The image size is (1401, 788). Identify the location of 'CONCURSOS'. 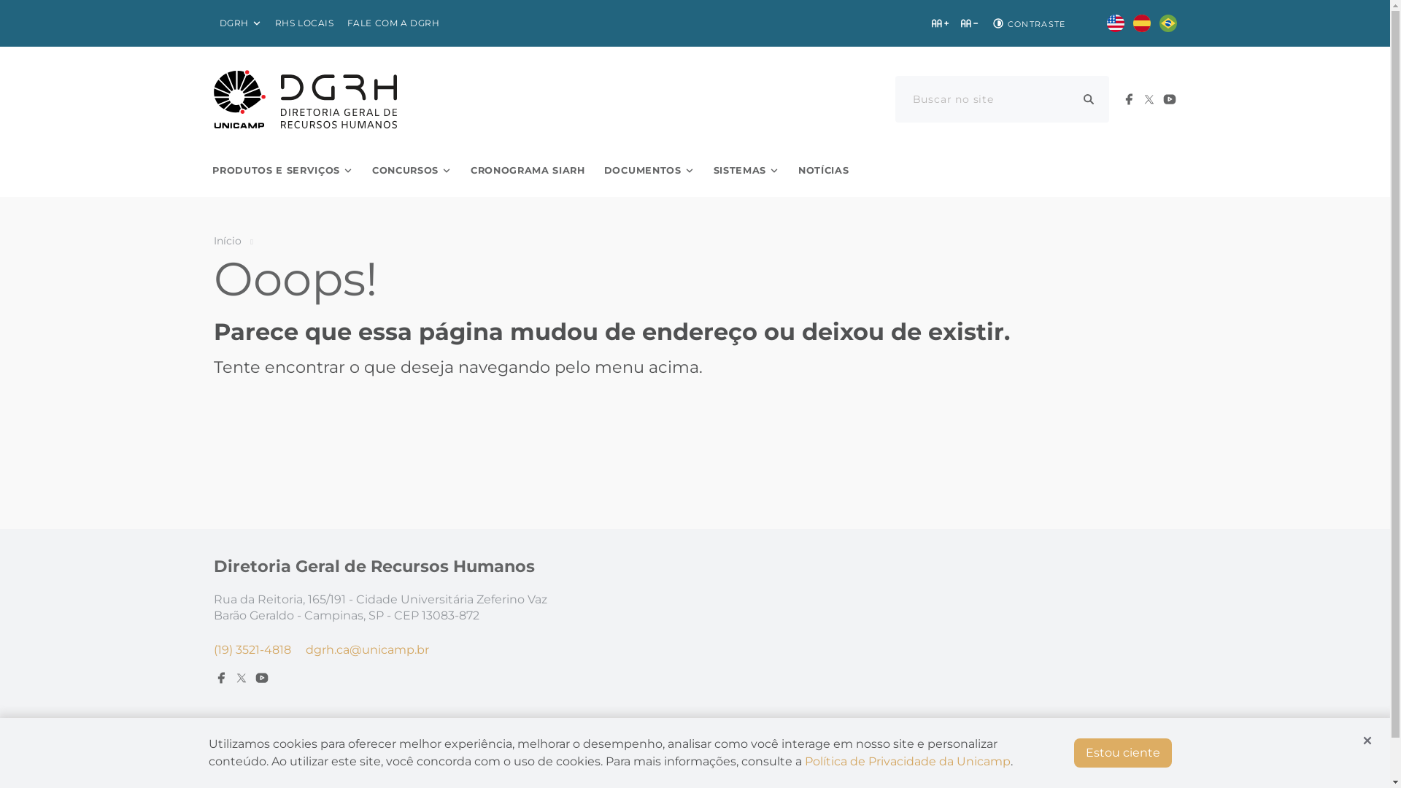
(411, 170).